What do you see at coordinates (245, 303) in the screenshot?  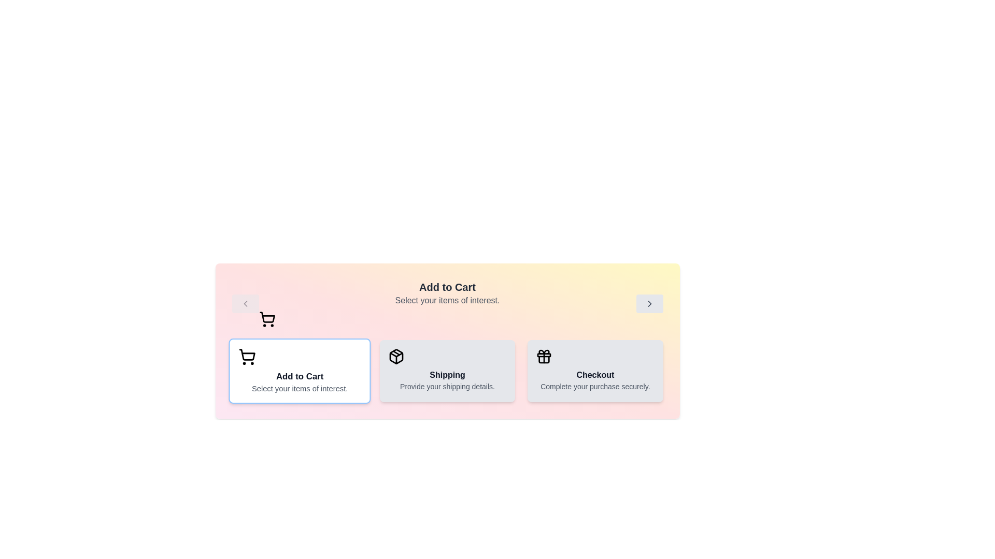 I see `the left-pointing chevron icon button located in the top-left corner of the navigational interface` at bounding box center [245, 303].